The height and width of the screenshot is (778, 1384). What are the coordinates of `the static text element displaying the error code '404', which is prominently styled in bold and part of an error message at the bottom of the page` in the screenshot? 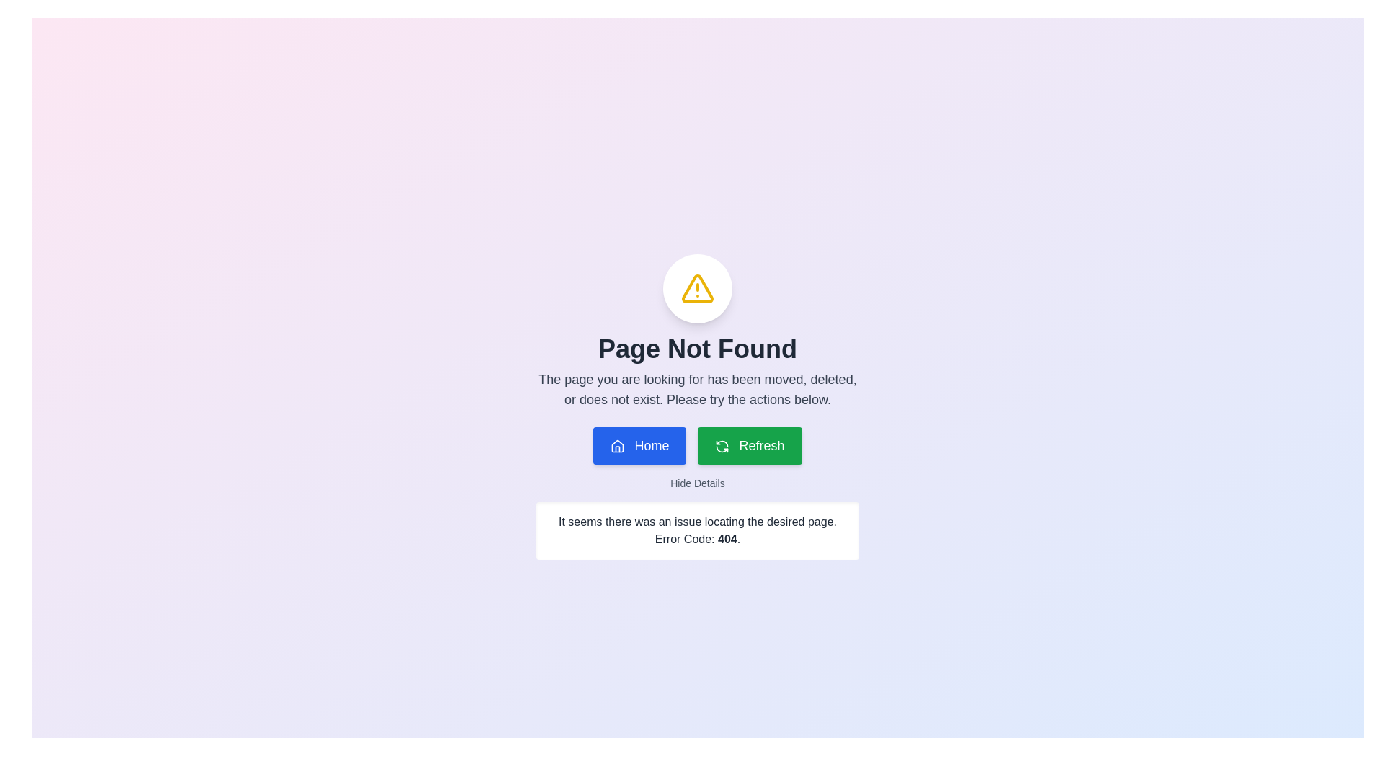 It's located at (727, 539).